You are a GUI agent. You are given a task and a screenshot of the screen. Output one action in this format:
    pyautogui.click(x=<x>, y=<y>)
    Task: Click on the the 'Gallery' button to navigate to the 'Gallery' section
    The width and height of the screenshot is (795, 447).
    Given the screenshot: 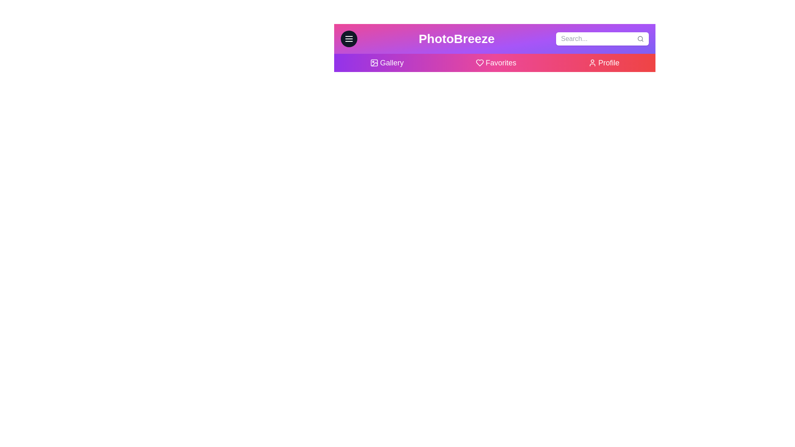 What is the action you would take?
    pyautogui.click(x=386, y=62)
    